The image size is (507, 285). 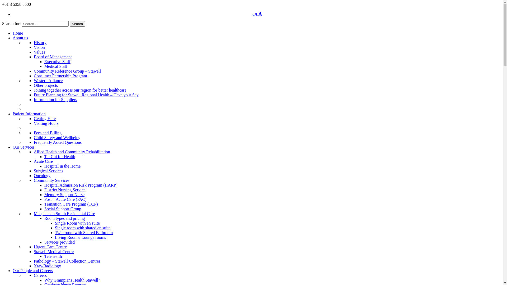 What do you see at coordinates (252, 14) in the screenshot?
I see `'A'` at bounding box center [252, 14].